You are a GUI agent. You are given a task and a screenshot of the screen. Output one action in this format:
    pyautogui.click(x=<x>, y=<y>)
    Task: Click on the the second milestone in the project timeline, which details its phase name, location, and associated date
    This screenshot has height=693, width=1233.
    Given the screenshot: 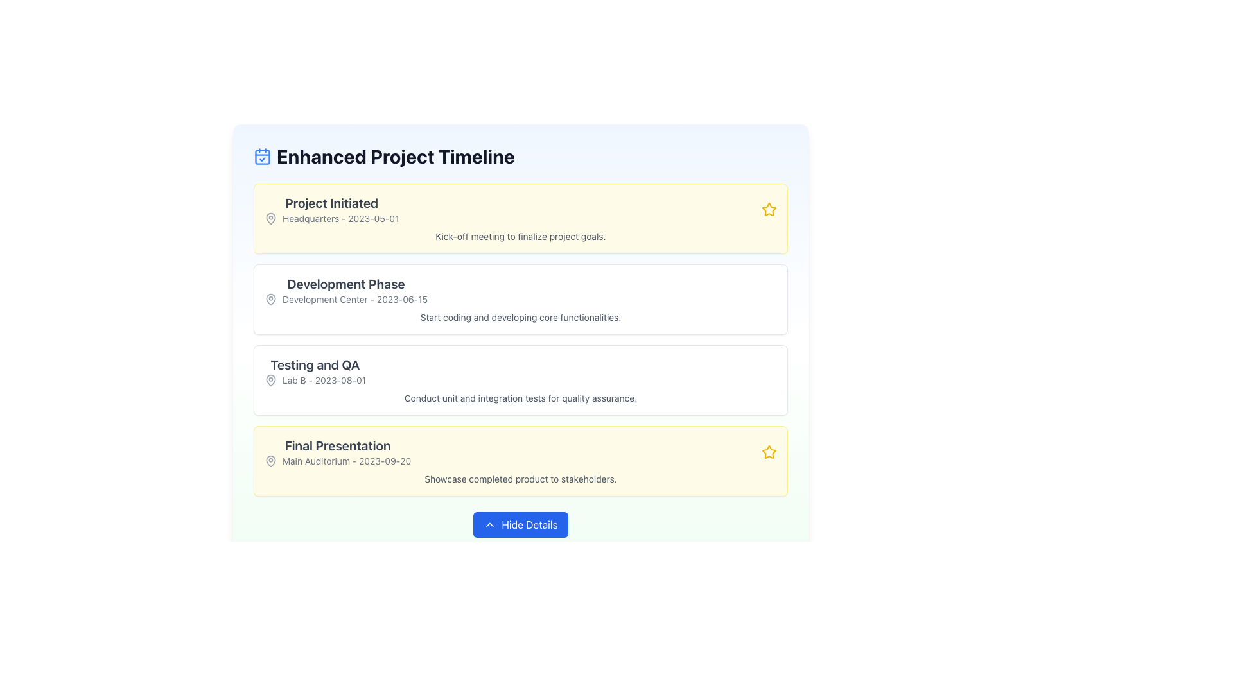 What is the action you would take?
    pyautogui.click(x=345, y=290)
    